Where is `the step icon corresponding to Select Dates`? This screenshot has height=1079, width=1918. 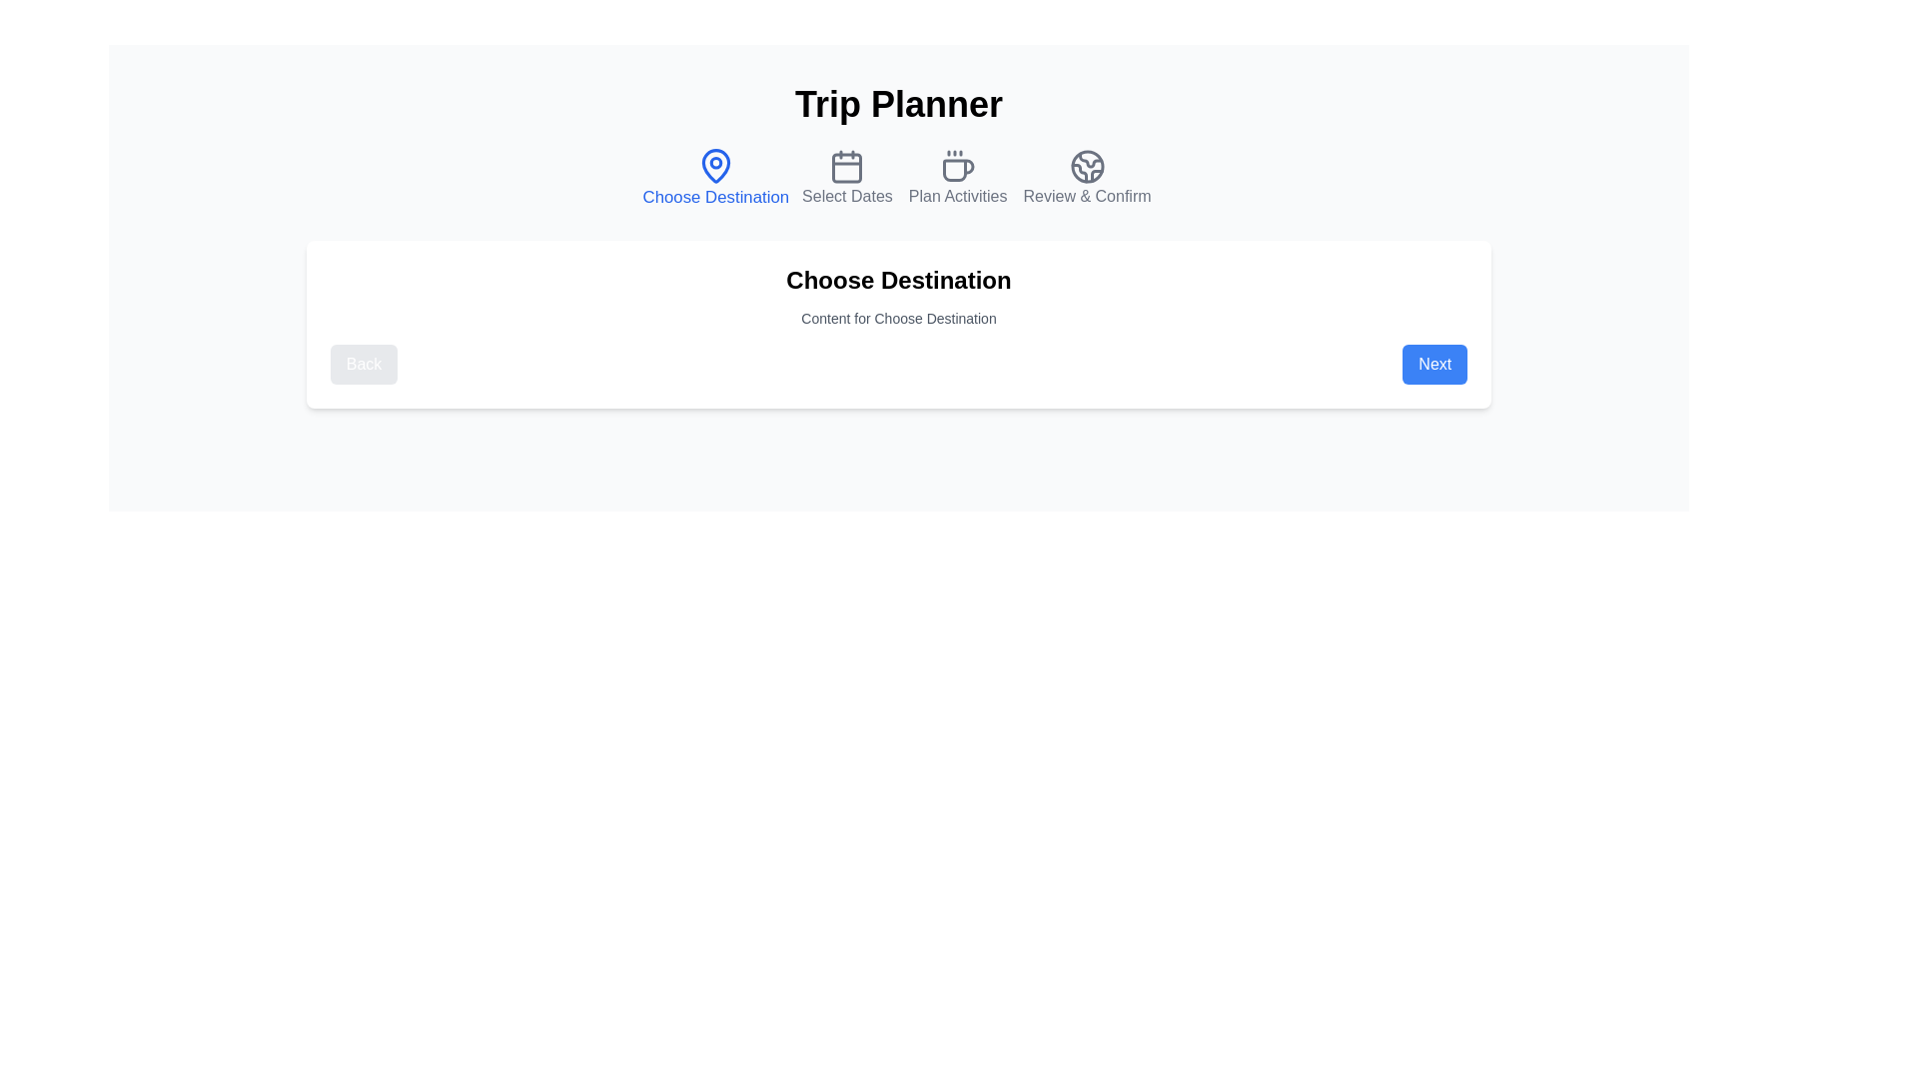
the step icon corresponding to Select Dates is located at coordinates (847, 177).